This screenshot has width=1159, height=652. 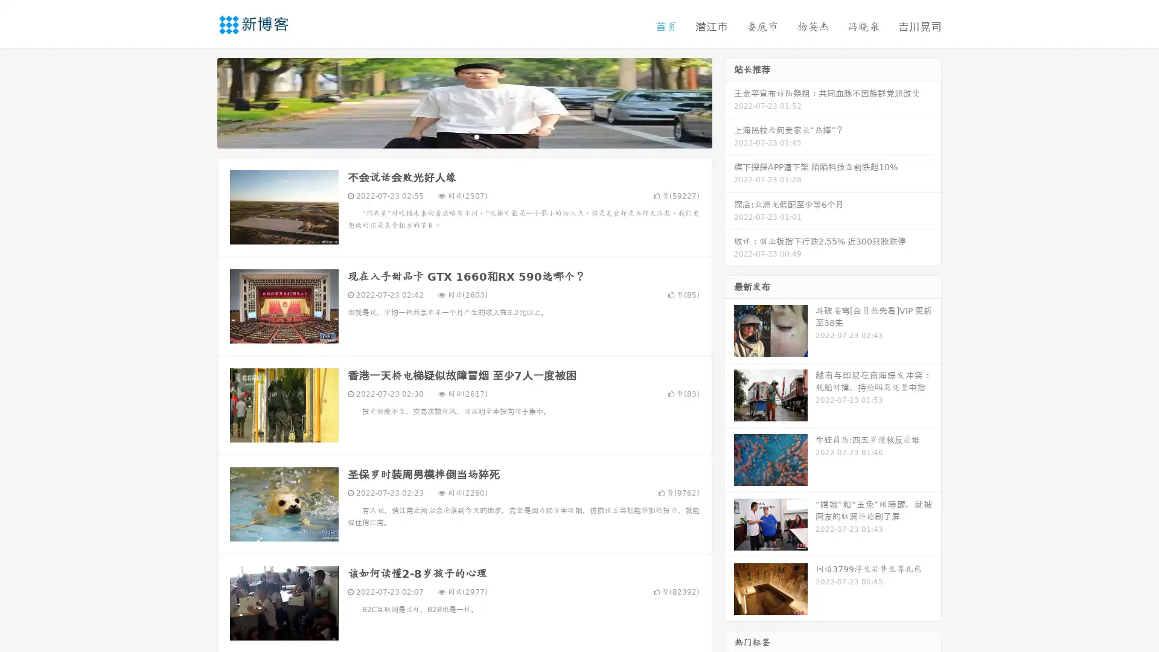 What do you see at coordinates (729, 101) in the screenshot?
I see `Next slide` at bounding box center [729, 101].